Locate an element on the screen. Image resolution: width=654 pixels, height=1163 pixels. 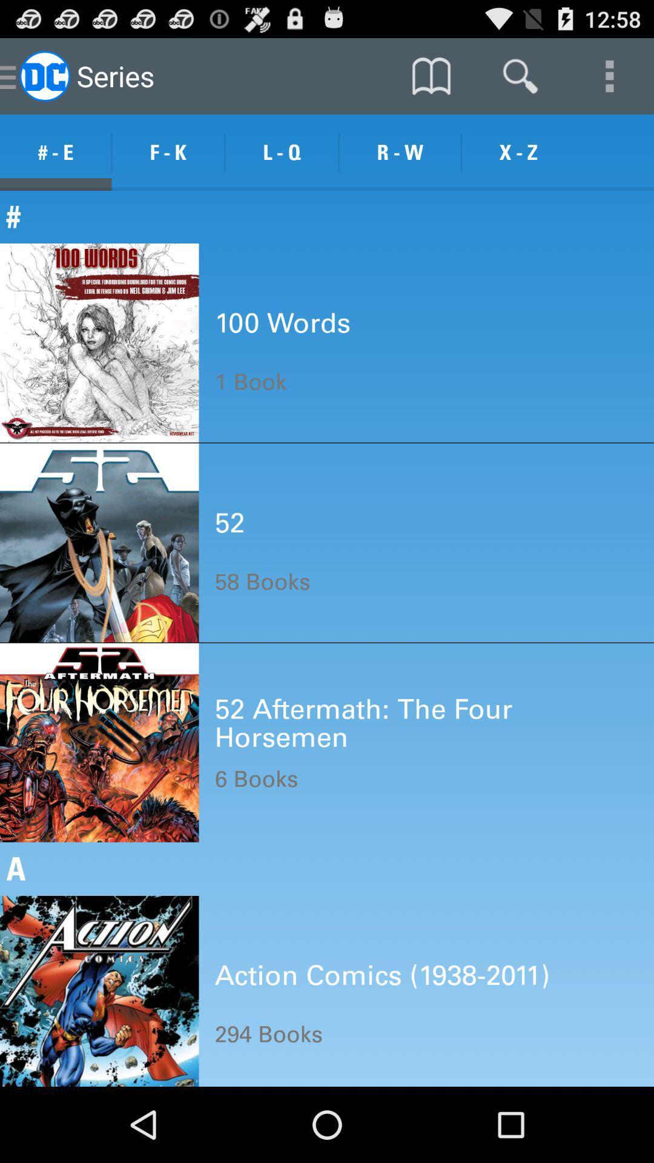
x - z is located at coordinates (518, 152).